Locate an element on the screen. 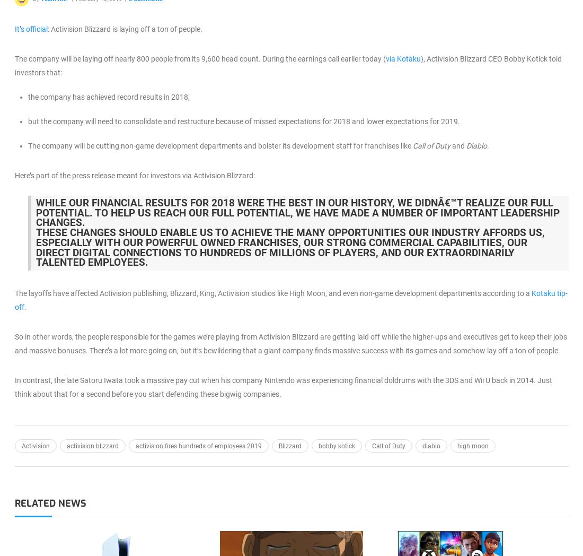  'the company has achieved record results in 2018,' is located at coordinates (27, 96).